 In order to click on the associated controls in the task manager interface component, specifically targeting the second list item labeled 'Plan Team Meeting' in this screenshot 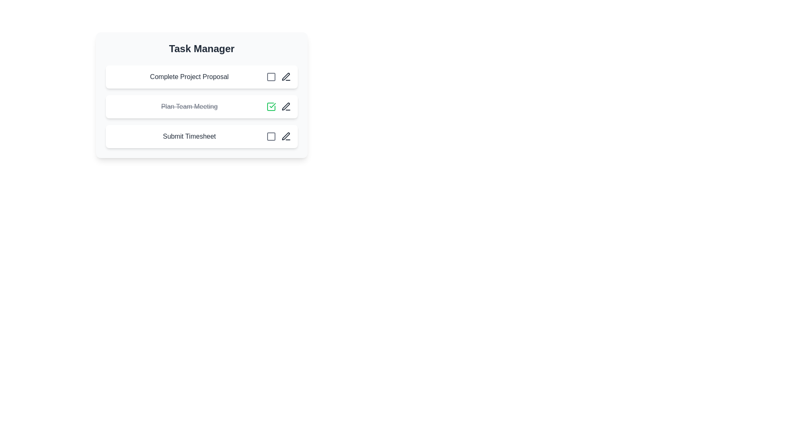, I will do `click(202, 95)`.